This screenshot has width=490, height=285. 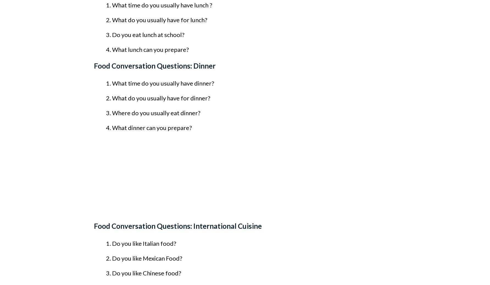 What do you see at coordinates (177, 226) in the screenshot?
I see `'Food Conversation Questions: International Cuisine'` at bounding box center [177, 226].